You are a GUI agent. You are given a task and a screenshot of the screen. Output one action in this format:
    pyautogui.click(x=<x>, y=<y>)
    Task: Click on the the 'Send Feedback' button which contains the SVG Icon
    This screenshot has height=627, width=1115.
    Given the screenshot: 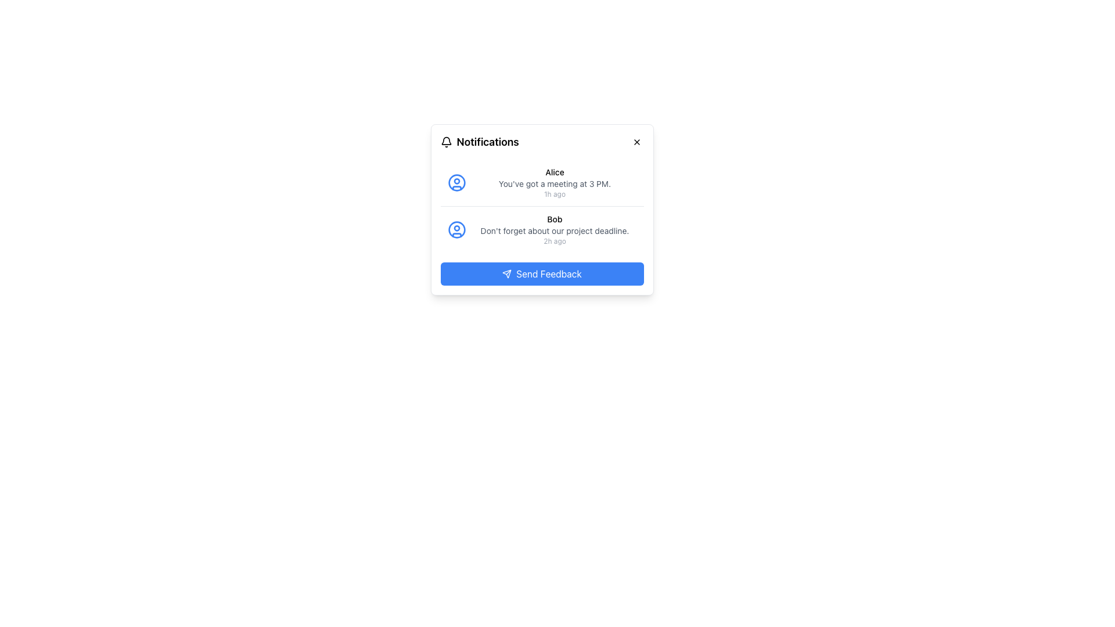 What is the action you would take?
    pyautogui.click(x=507, y=273)
    